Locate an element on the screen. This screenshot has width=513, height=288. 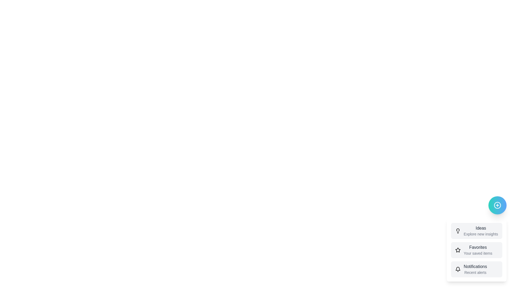
the decorative icon within the Favorites button, which indicates its association with starred or favorite items is located at coordinates (457, 250).